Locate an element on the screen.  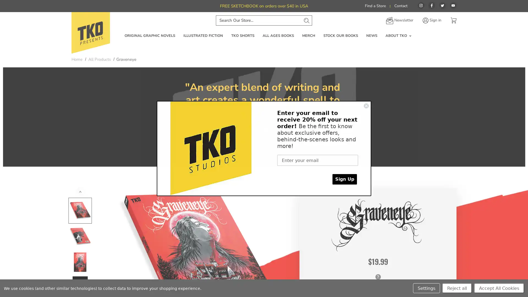
Accept All Cookies is located at coordinates (499, 288).